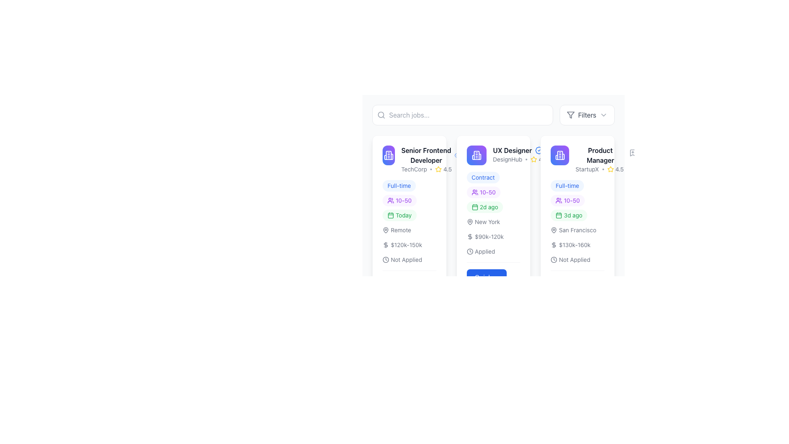 This screenshot has width=789, height=444. Describe the element at coordinates (397, 230) in the screenshot. I see `the 'Remote' text with icon located in the top-left corner of the job listing card for 'Senior Frontend Developer.'` at that location.